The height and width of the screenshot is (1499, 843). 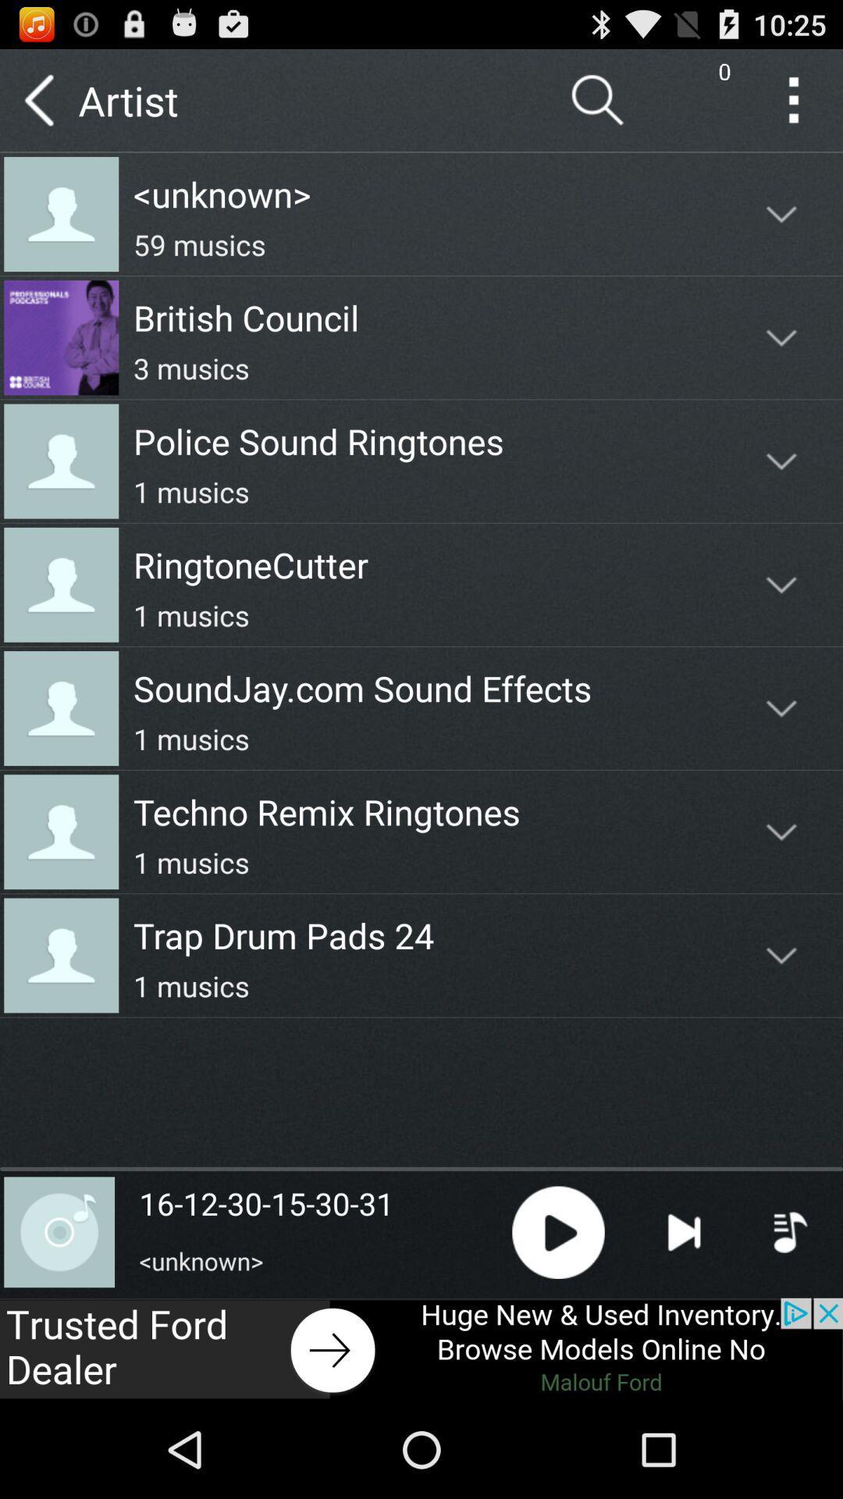 I want to click on the play icon, so click(x=557, y=1318).